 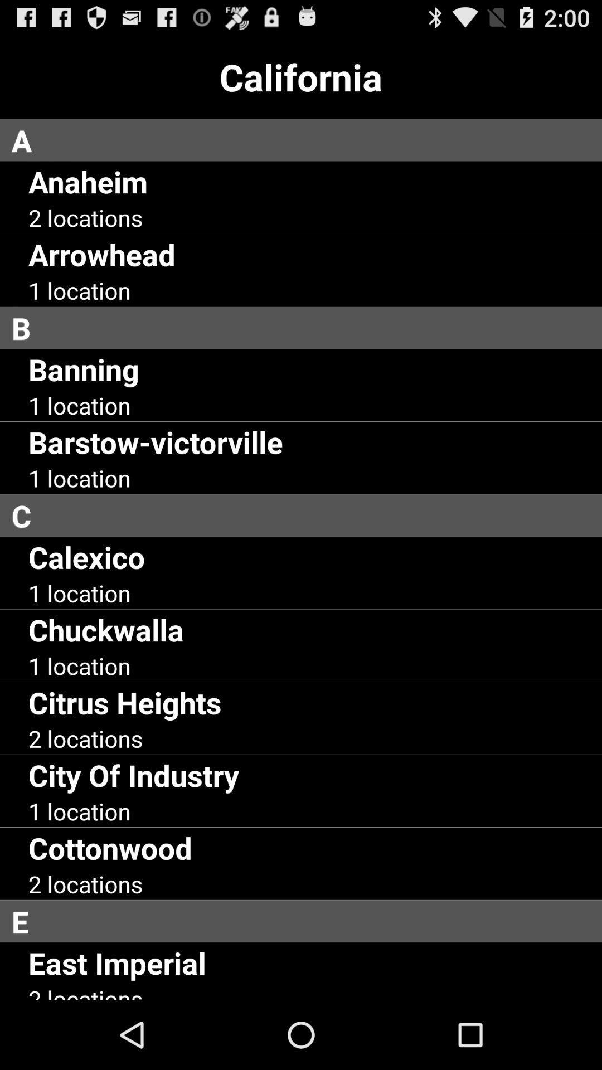 I want to click on icon above the 1 location, so click(x=106, y=629).